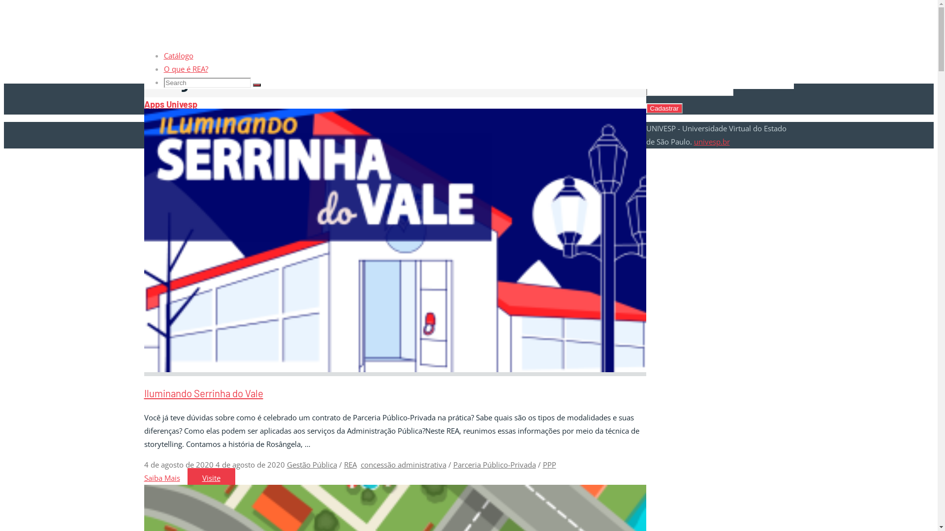 This screenshot has width=945, height=531. I want to click on 'Apps Univesp', so click(170, 104).